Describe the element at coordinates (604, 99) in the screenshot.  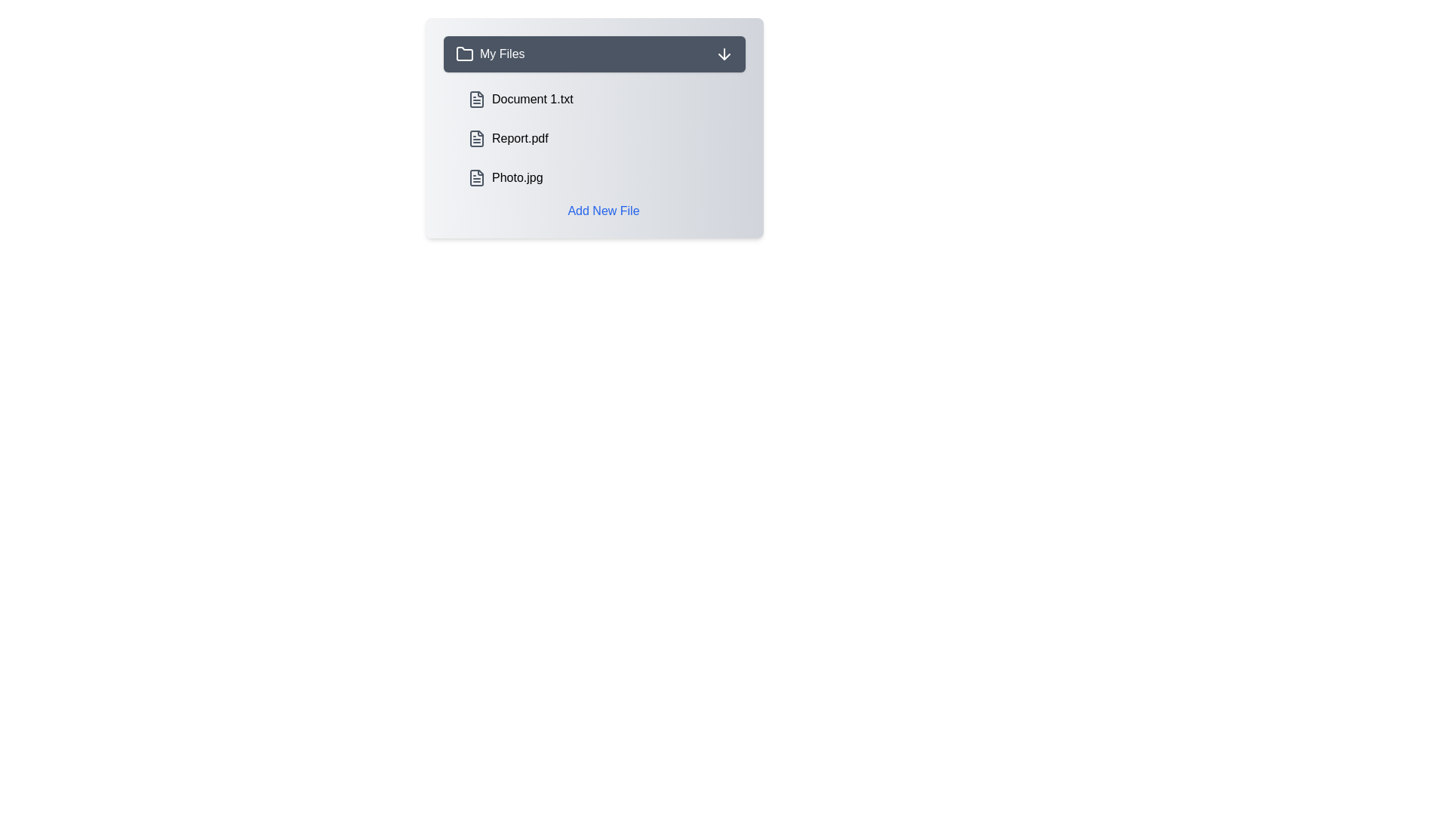
I see `the file named Document 1.txt to highlight it` at that location.